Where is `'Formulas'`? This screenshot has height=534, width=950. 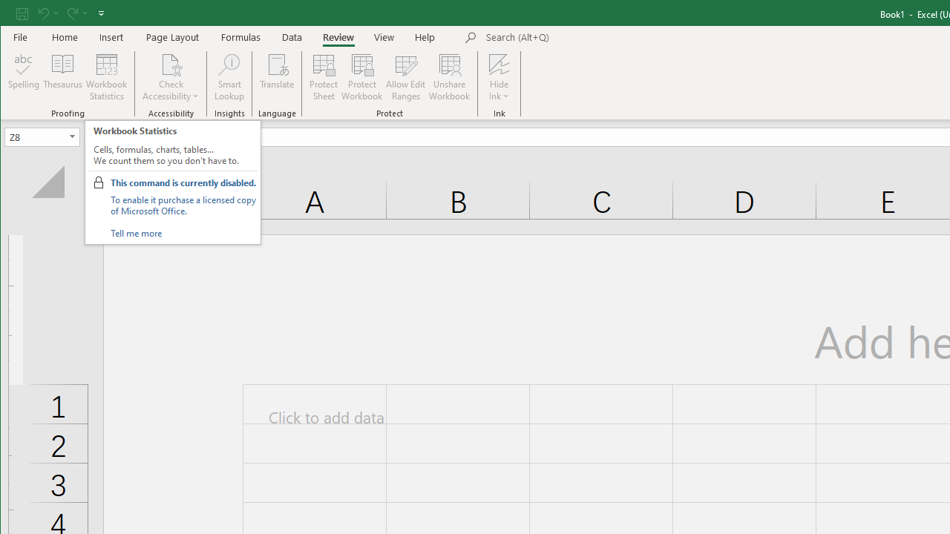
'Formulas' is located at coordinates (241, 36).